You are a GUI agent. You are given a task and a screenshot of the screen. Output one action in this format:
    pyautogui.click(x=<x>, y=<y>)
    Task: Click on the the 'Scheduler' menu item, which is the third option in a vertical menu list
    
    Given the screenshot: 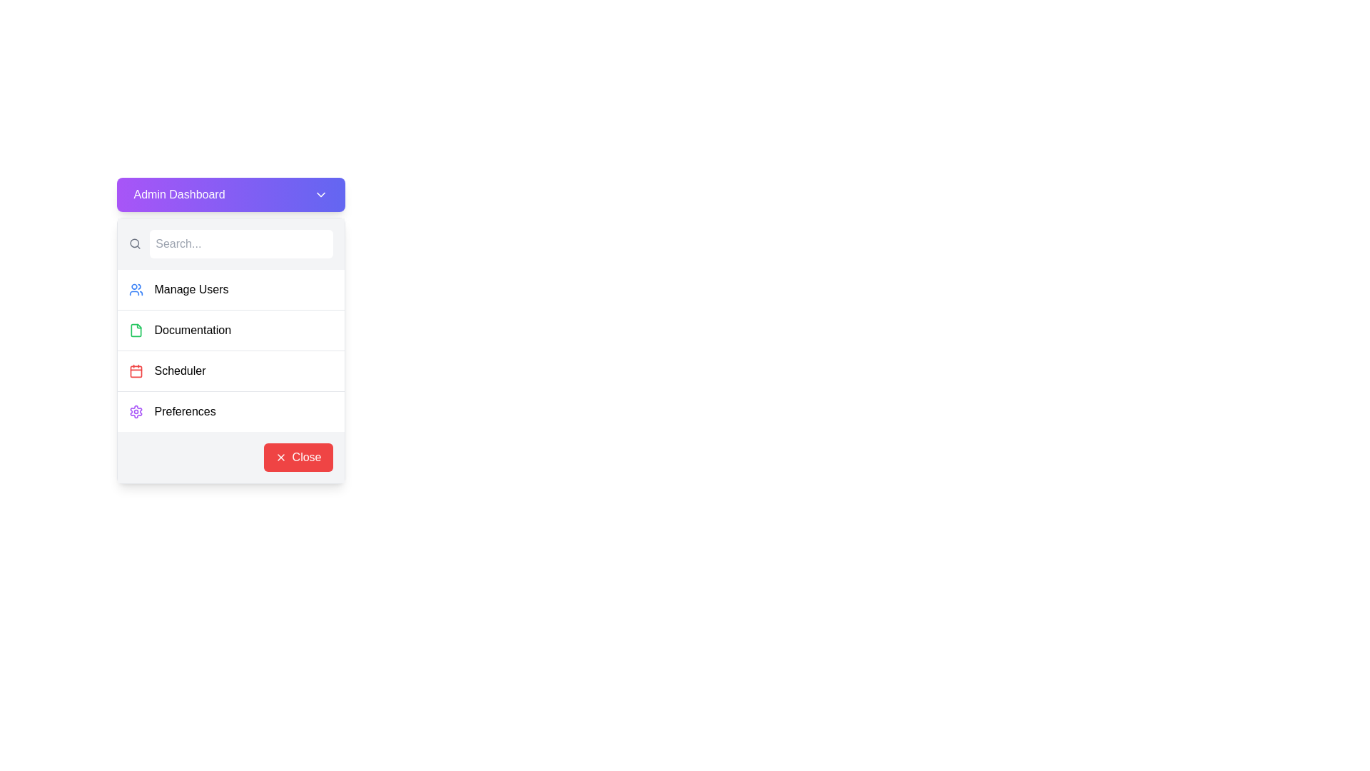 What is the action you would take?
    pyautogui.click(x=230, y=370)
    